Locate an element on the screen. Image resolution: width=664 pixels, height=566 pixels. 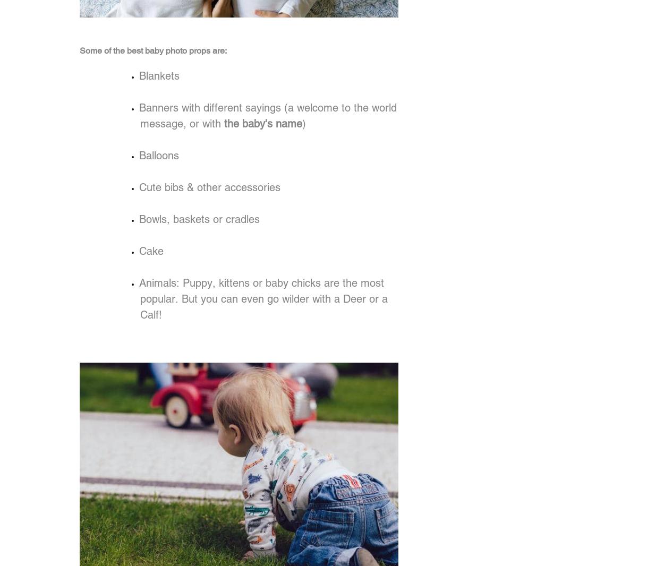
')' is located at coordinates (303, 123).